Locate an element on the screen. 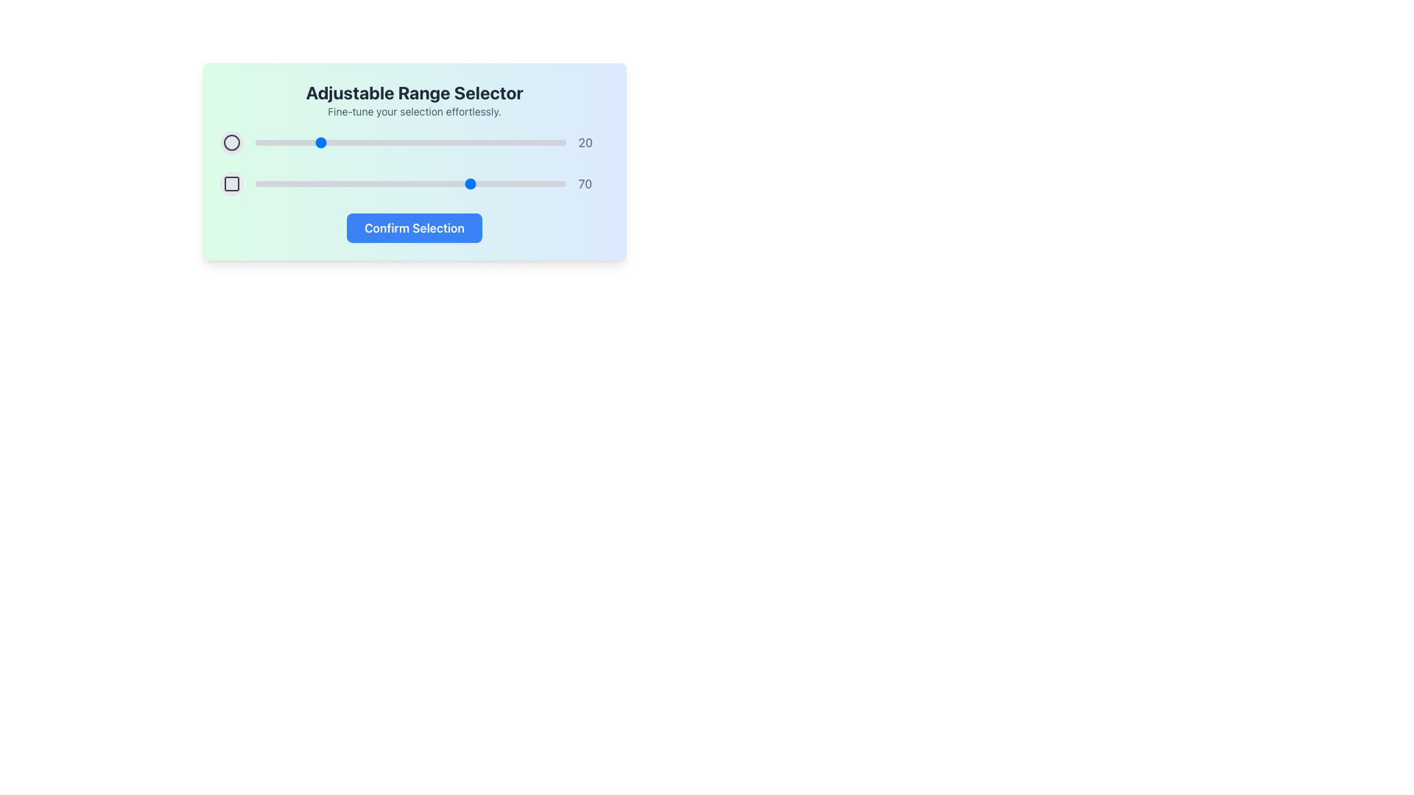 The height and width of the screenshot is (795, 1414). the slider is located at coordinates (267, 183).